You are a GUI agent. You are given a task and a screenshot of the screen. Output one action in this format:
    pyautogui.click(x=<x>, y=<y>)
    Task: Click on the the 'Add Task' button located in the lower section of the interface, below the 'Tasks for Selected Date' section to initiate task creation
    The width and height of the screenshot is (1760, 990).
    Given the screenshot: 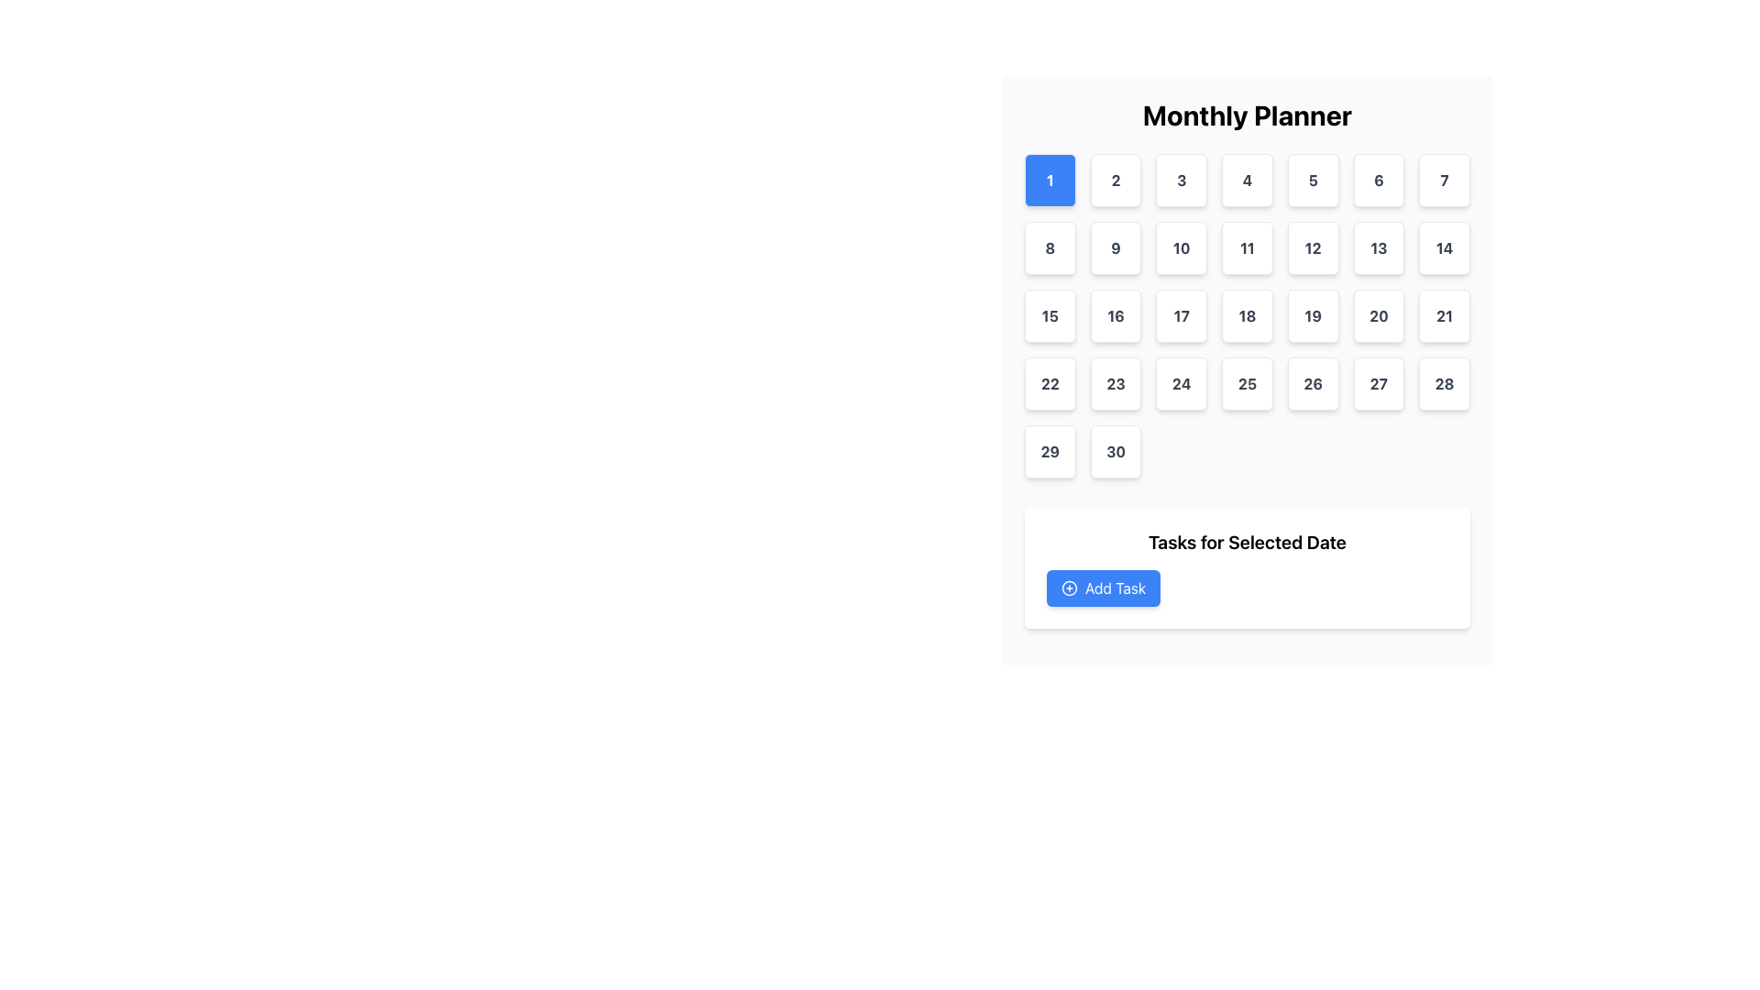 What is the action you would take?
    pyautogui.click(x=1115, y=588)
    